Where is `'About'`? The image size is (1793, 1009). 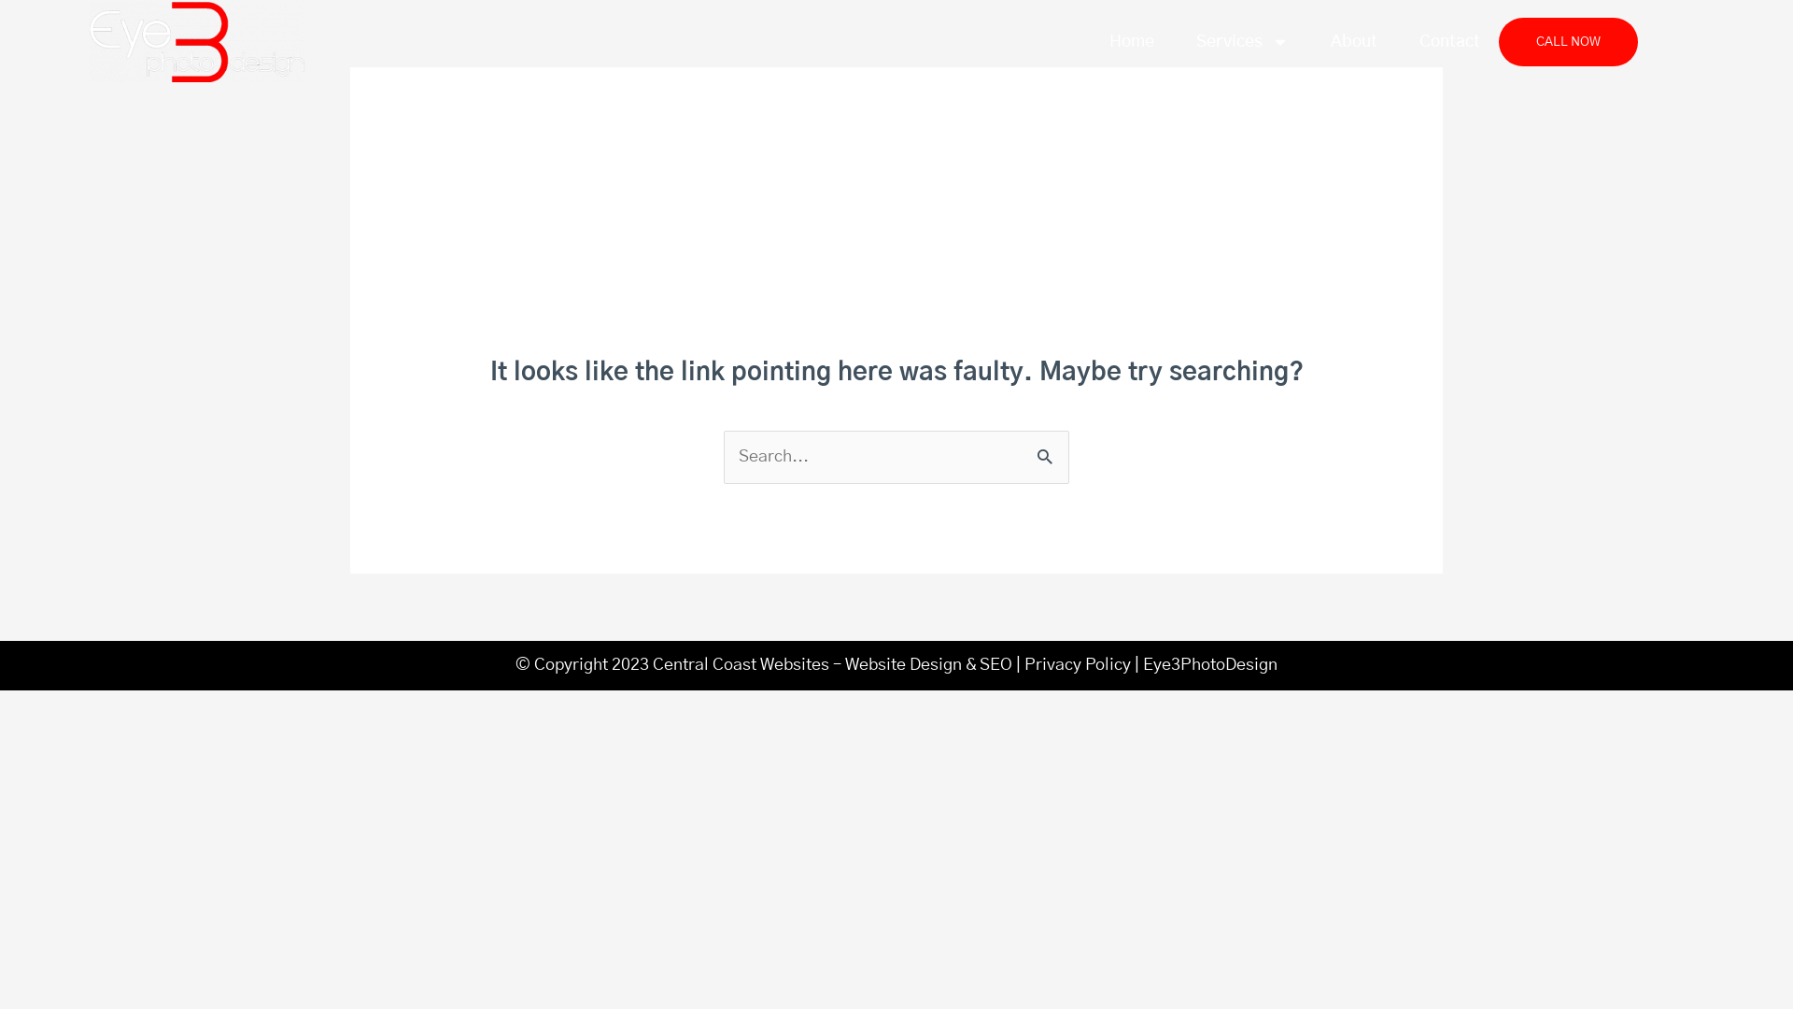
'About' is located at coordinates (1353, 42).